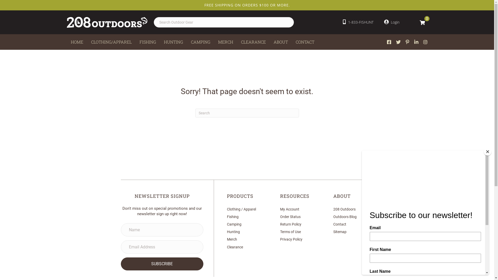 The width and height of the screenshot is (498, 280). Describe the element at coordinates (200, 42) in the screenshot. I see `'CAMPING'` at that location.